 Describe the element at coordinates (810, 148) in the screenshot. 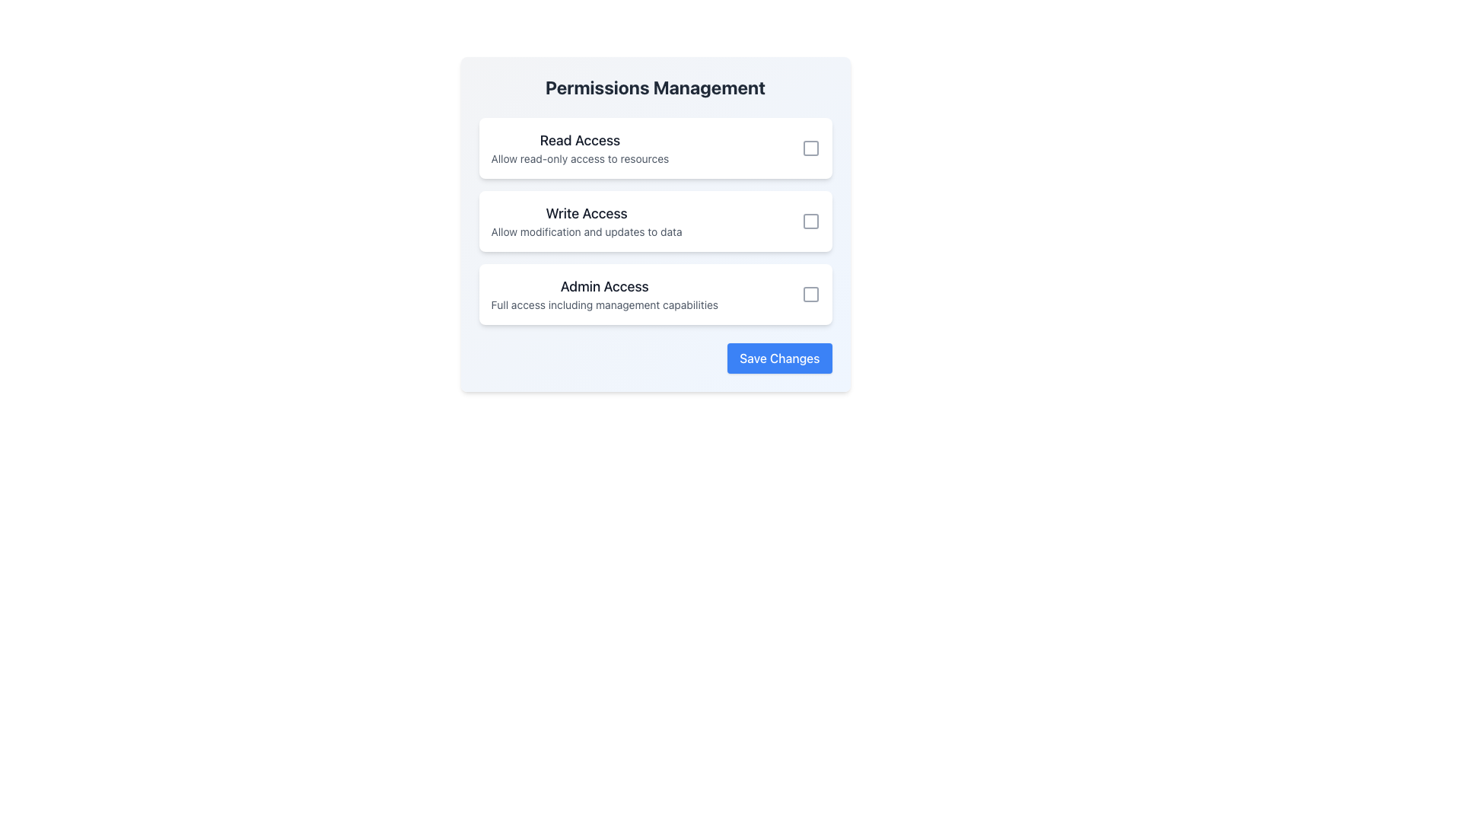

I see `the checkbox for 'Read Access'` at that location.